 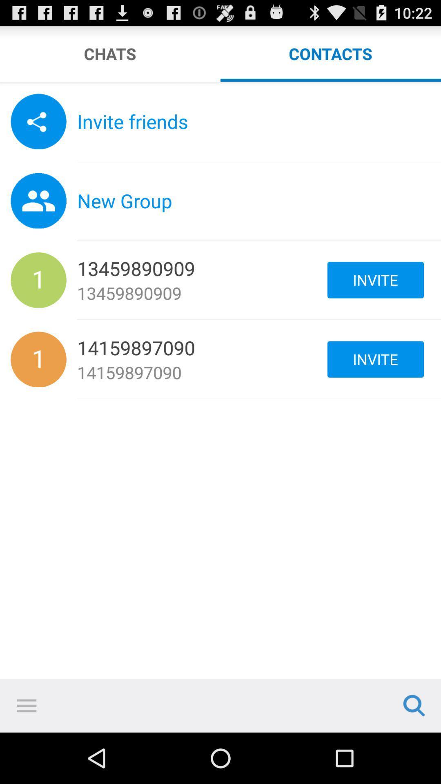 What do you see at coordinates (220, 84) in the screenshot?
I see `the icon below the chats icon` at bounding box center [220, 84].